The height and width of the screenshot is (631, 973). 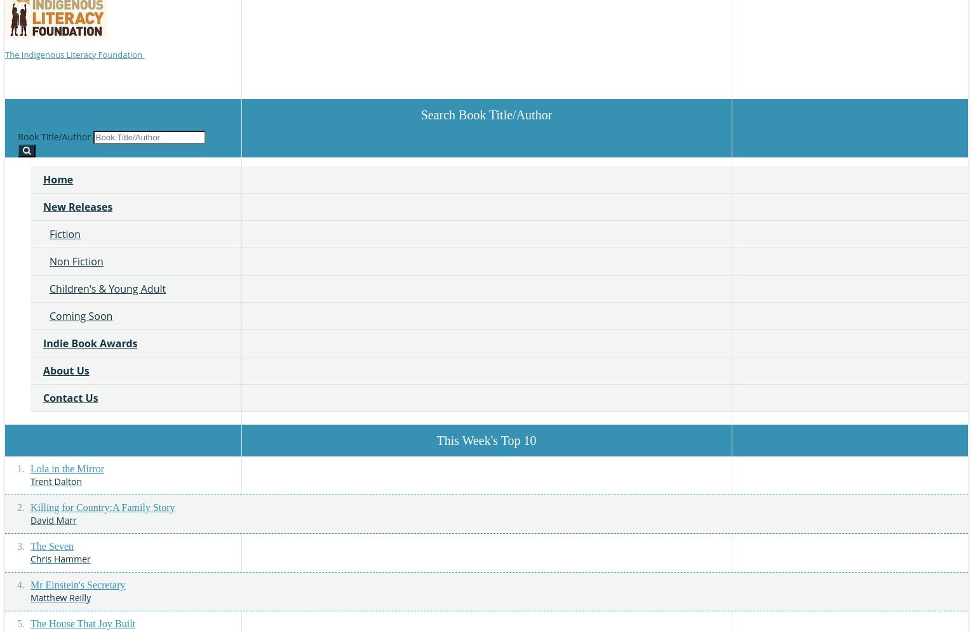 What do you see at coordinates (485, 439) in the screenshot?
I see `'This Week's Top 10'` at bounding box center [485, 439].